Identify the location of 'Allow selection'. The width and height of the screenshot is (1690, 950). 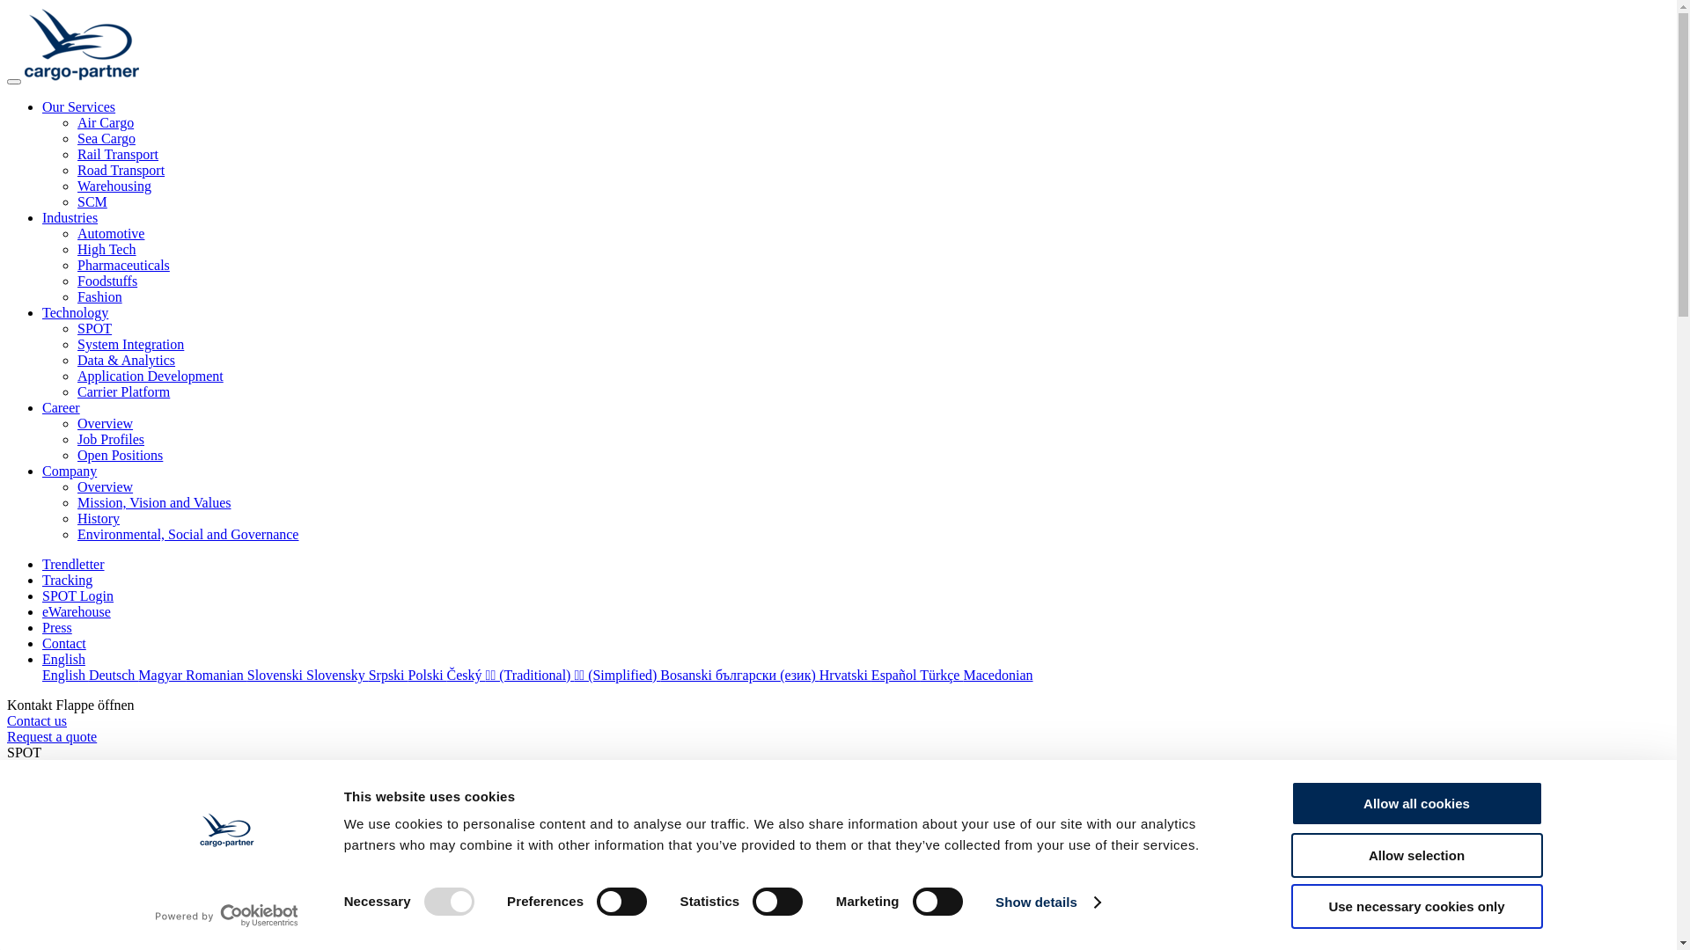
(1415, 853).